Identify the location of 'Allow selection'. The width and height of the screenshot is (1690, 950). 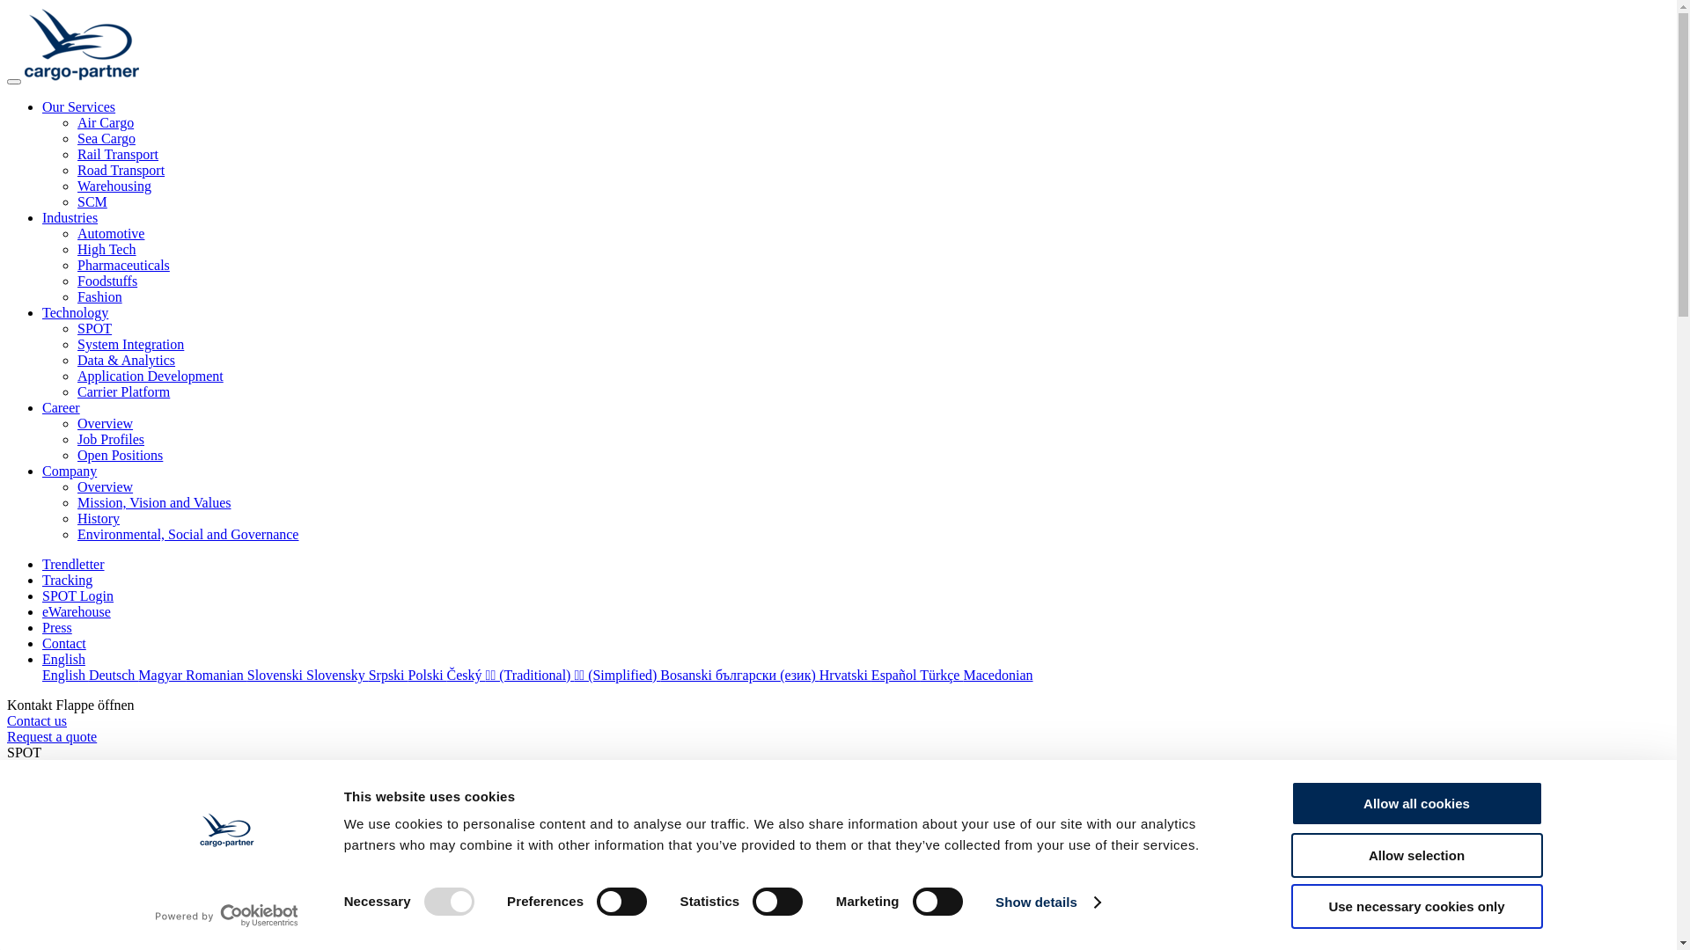
(1415, 853).